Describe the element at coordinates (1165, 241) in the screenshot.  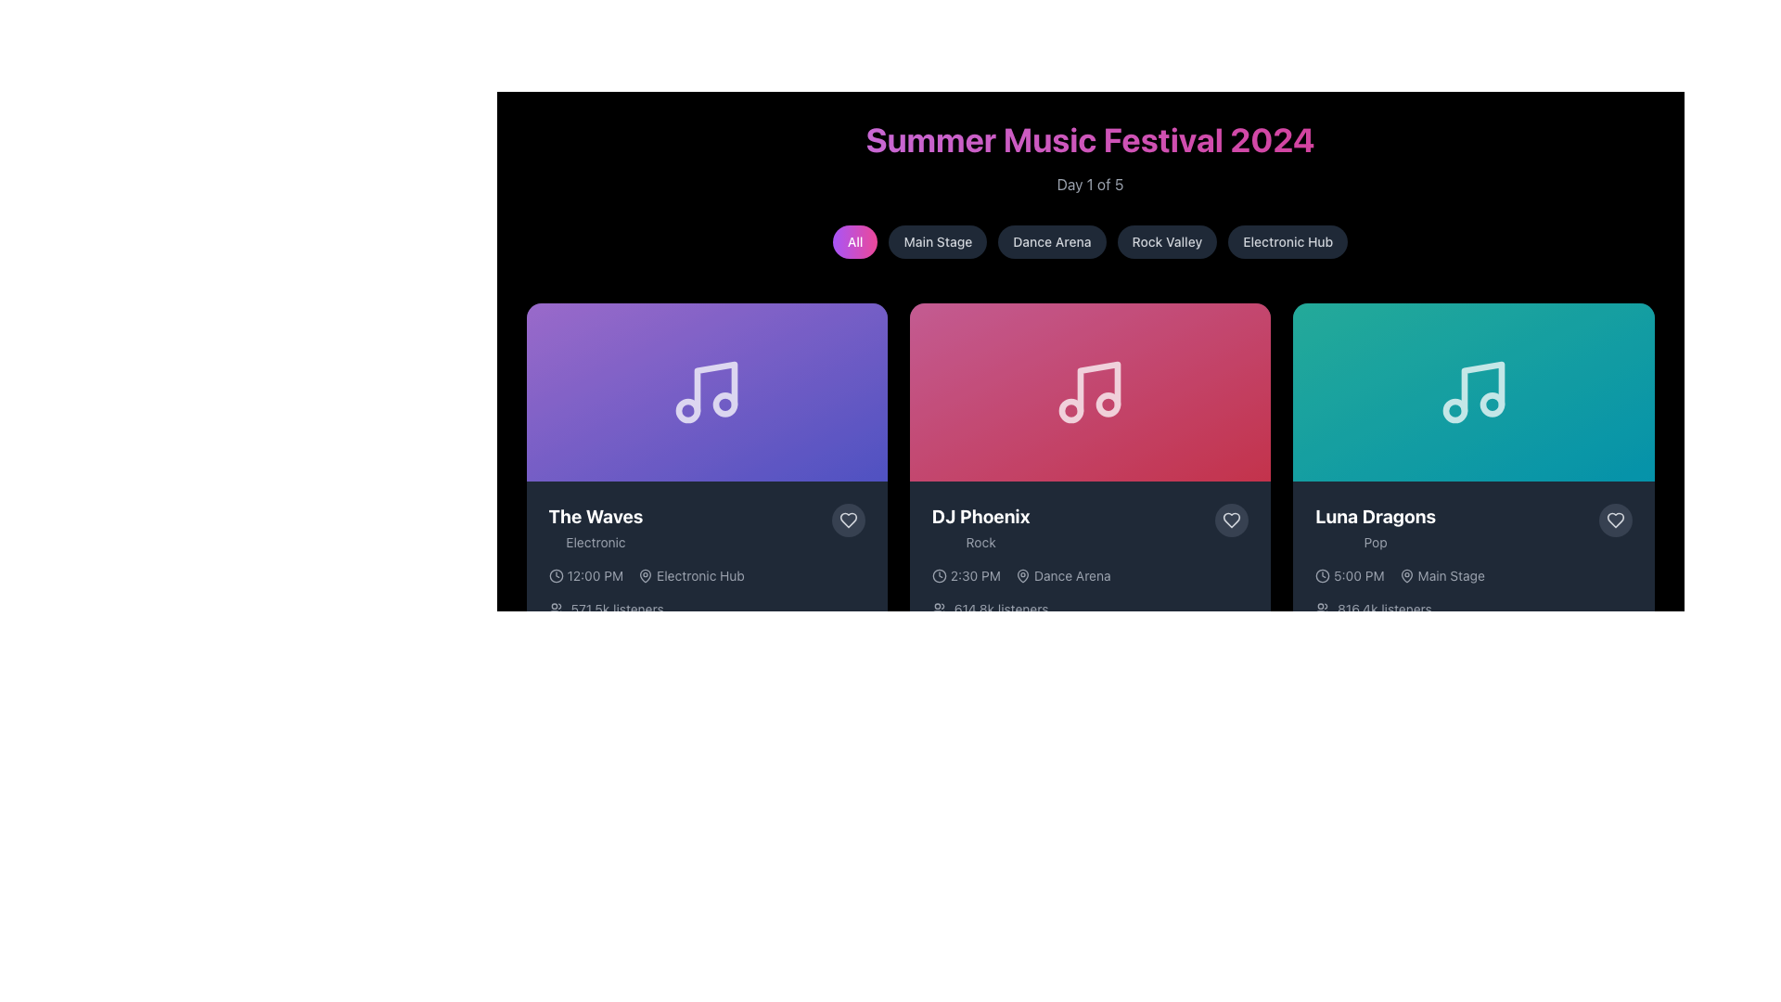
I see `the fourth button in the horizontal row, which activates the Rock Valley filter, located below the title 'Summer Music Festival 2024'` at that location.